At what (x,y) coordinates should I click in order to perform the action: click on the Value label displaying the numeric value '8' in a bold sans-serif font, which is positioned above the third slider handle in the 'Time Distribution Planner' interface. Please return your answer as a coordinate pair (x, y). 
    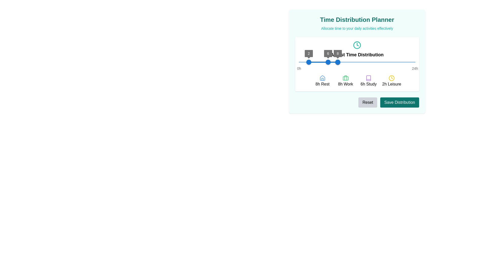
    Looking at the image, I should click on (338, 54).